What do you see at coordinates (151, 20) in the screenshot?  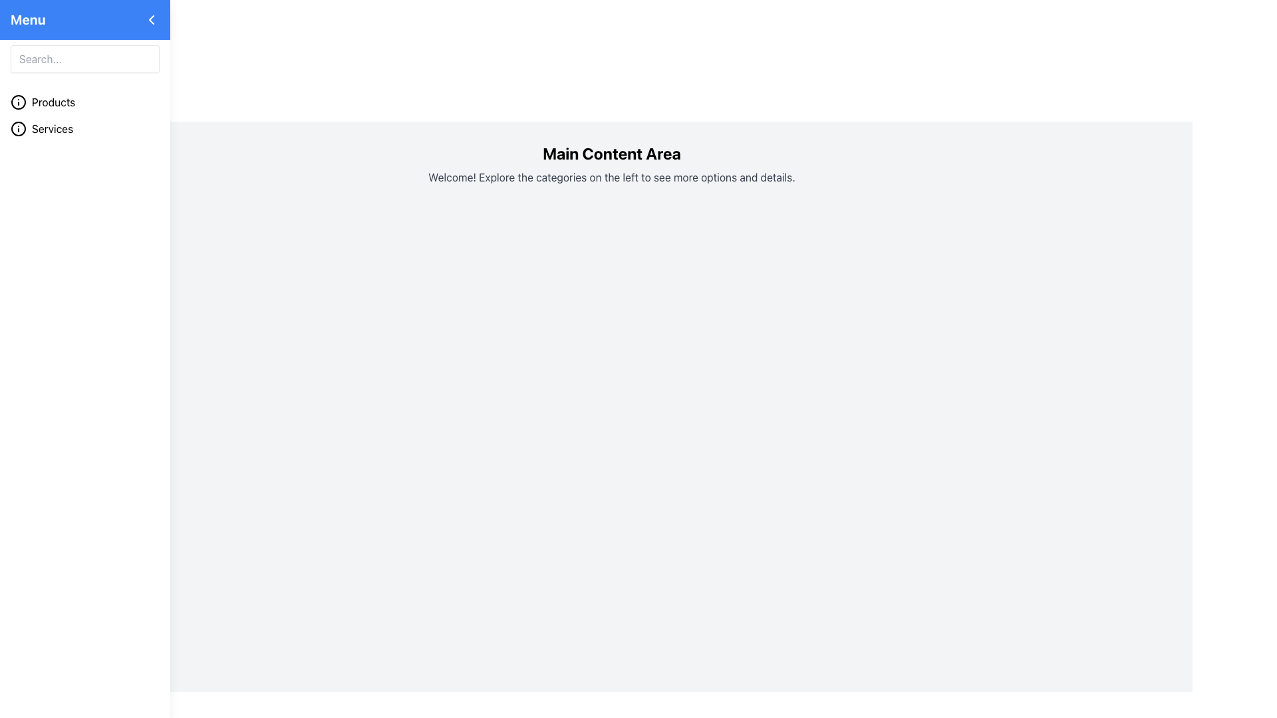 I see `the chevron icon in the Menu section, which serves as a back navigation button` at bounding box center [151, 20].